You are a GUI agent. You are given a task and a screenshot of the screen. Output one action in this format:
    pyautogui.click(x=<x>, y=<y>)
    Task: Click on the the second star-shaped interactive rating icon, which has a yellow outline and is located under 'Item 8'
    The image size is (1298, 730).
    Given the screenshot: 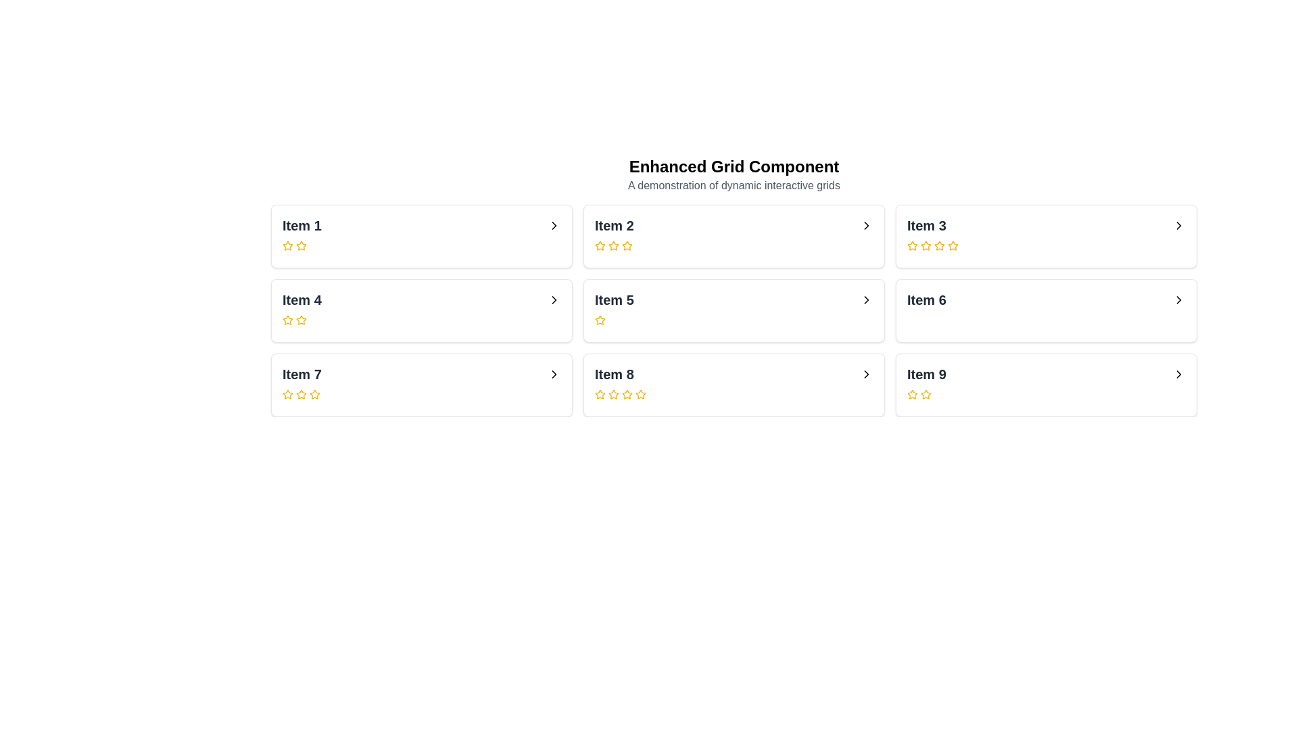 What is the action you would take?
    pyautogui.click(x=626, y=394)
    